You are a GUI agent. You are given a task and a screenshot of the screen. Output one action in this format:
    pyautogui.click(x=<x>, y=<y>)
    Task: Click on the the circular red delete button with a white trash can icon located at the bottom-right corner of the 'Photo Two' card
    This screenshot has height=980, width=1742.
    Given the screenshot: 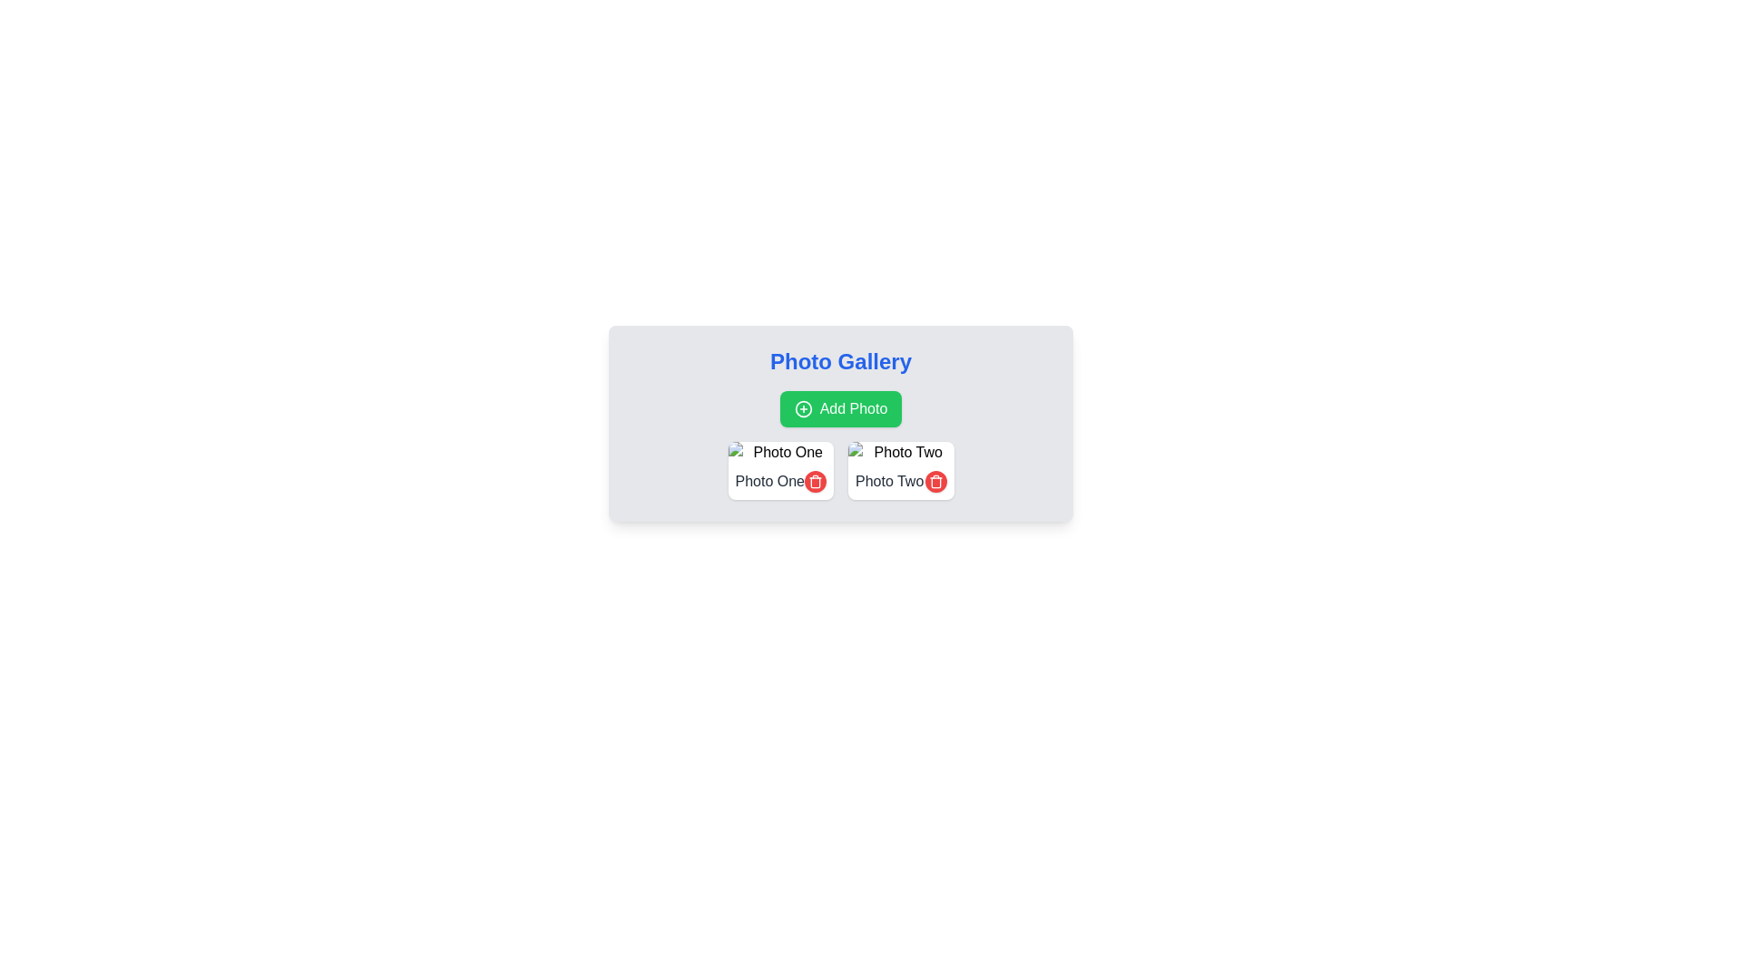 What is the action you would take?
    pyautogui.click(x=935, y=481)
    